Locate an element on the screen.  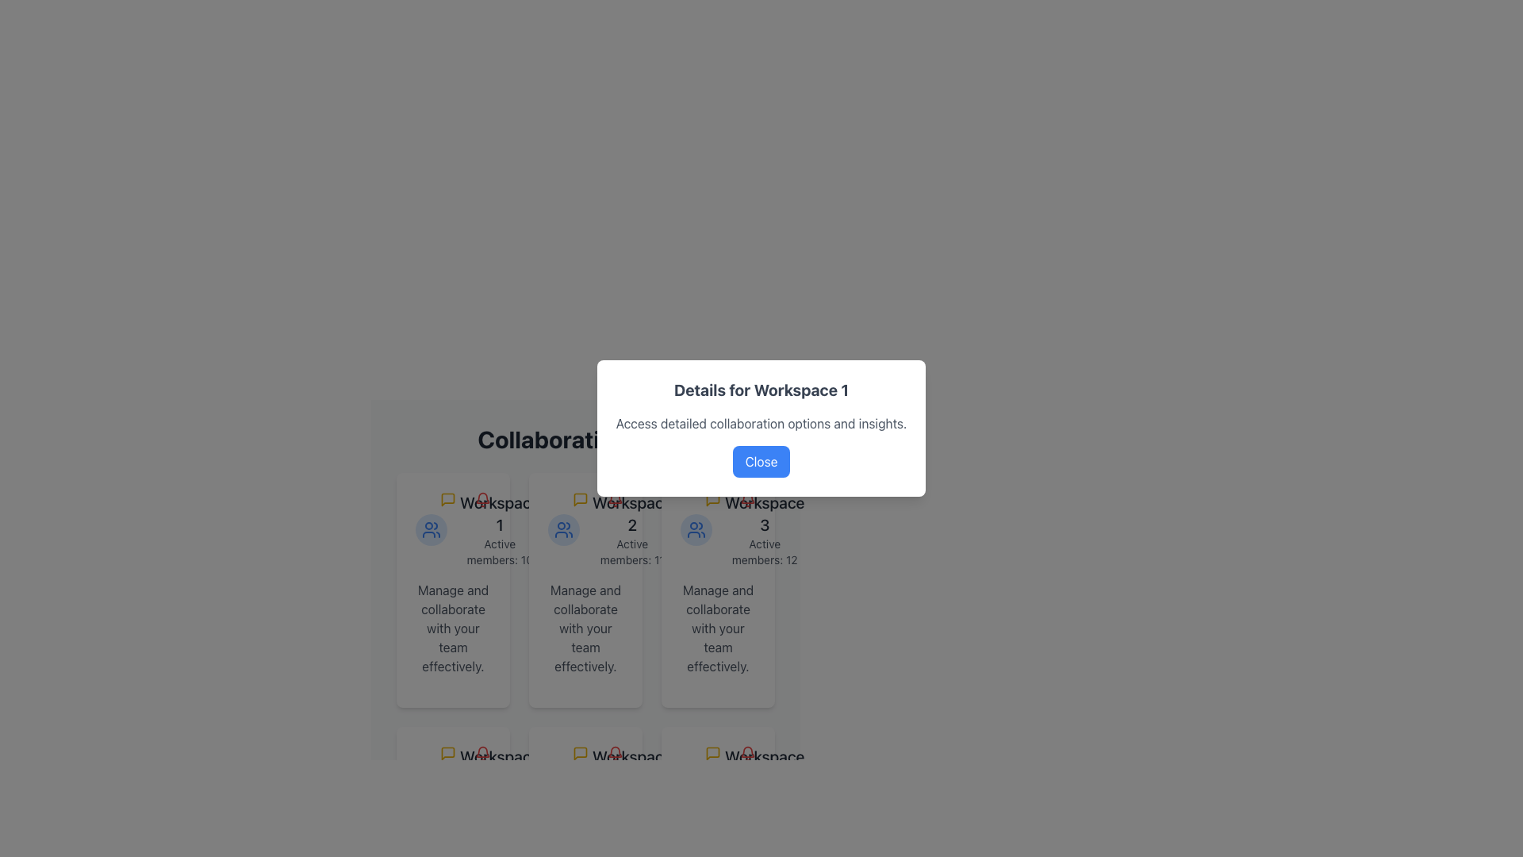
the notification icon, which is positioned in a circular button below the modal dialog's title and above workspace cards is located at coordinates (615, 498).